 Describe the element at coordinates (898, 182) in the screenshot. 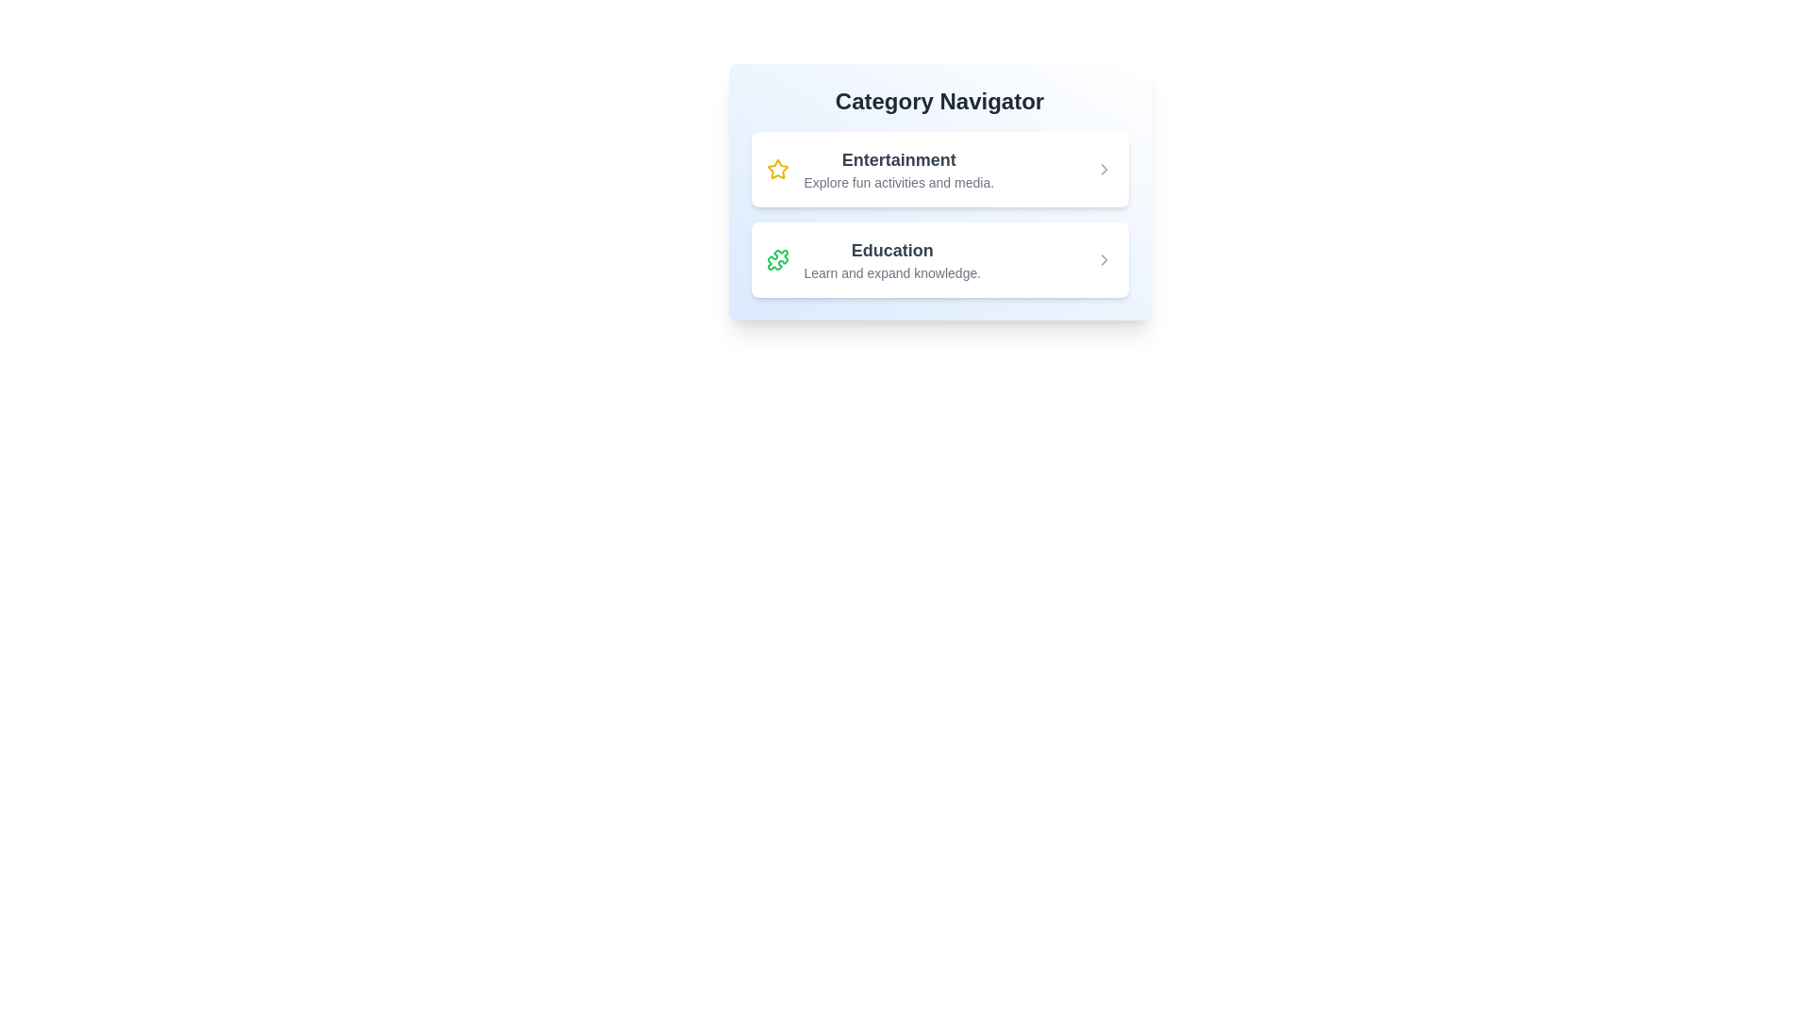

I see `the text label reading 'Explore fun activities and media.' which is styled in gray and located directly below the 'Entertainment' text within the card-like component` at that location.